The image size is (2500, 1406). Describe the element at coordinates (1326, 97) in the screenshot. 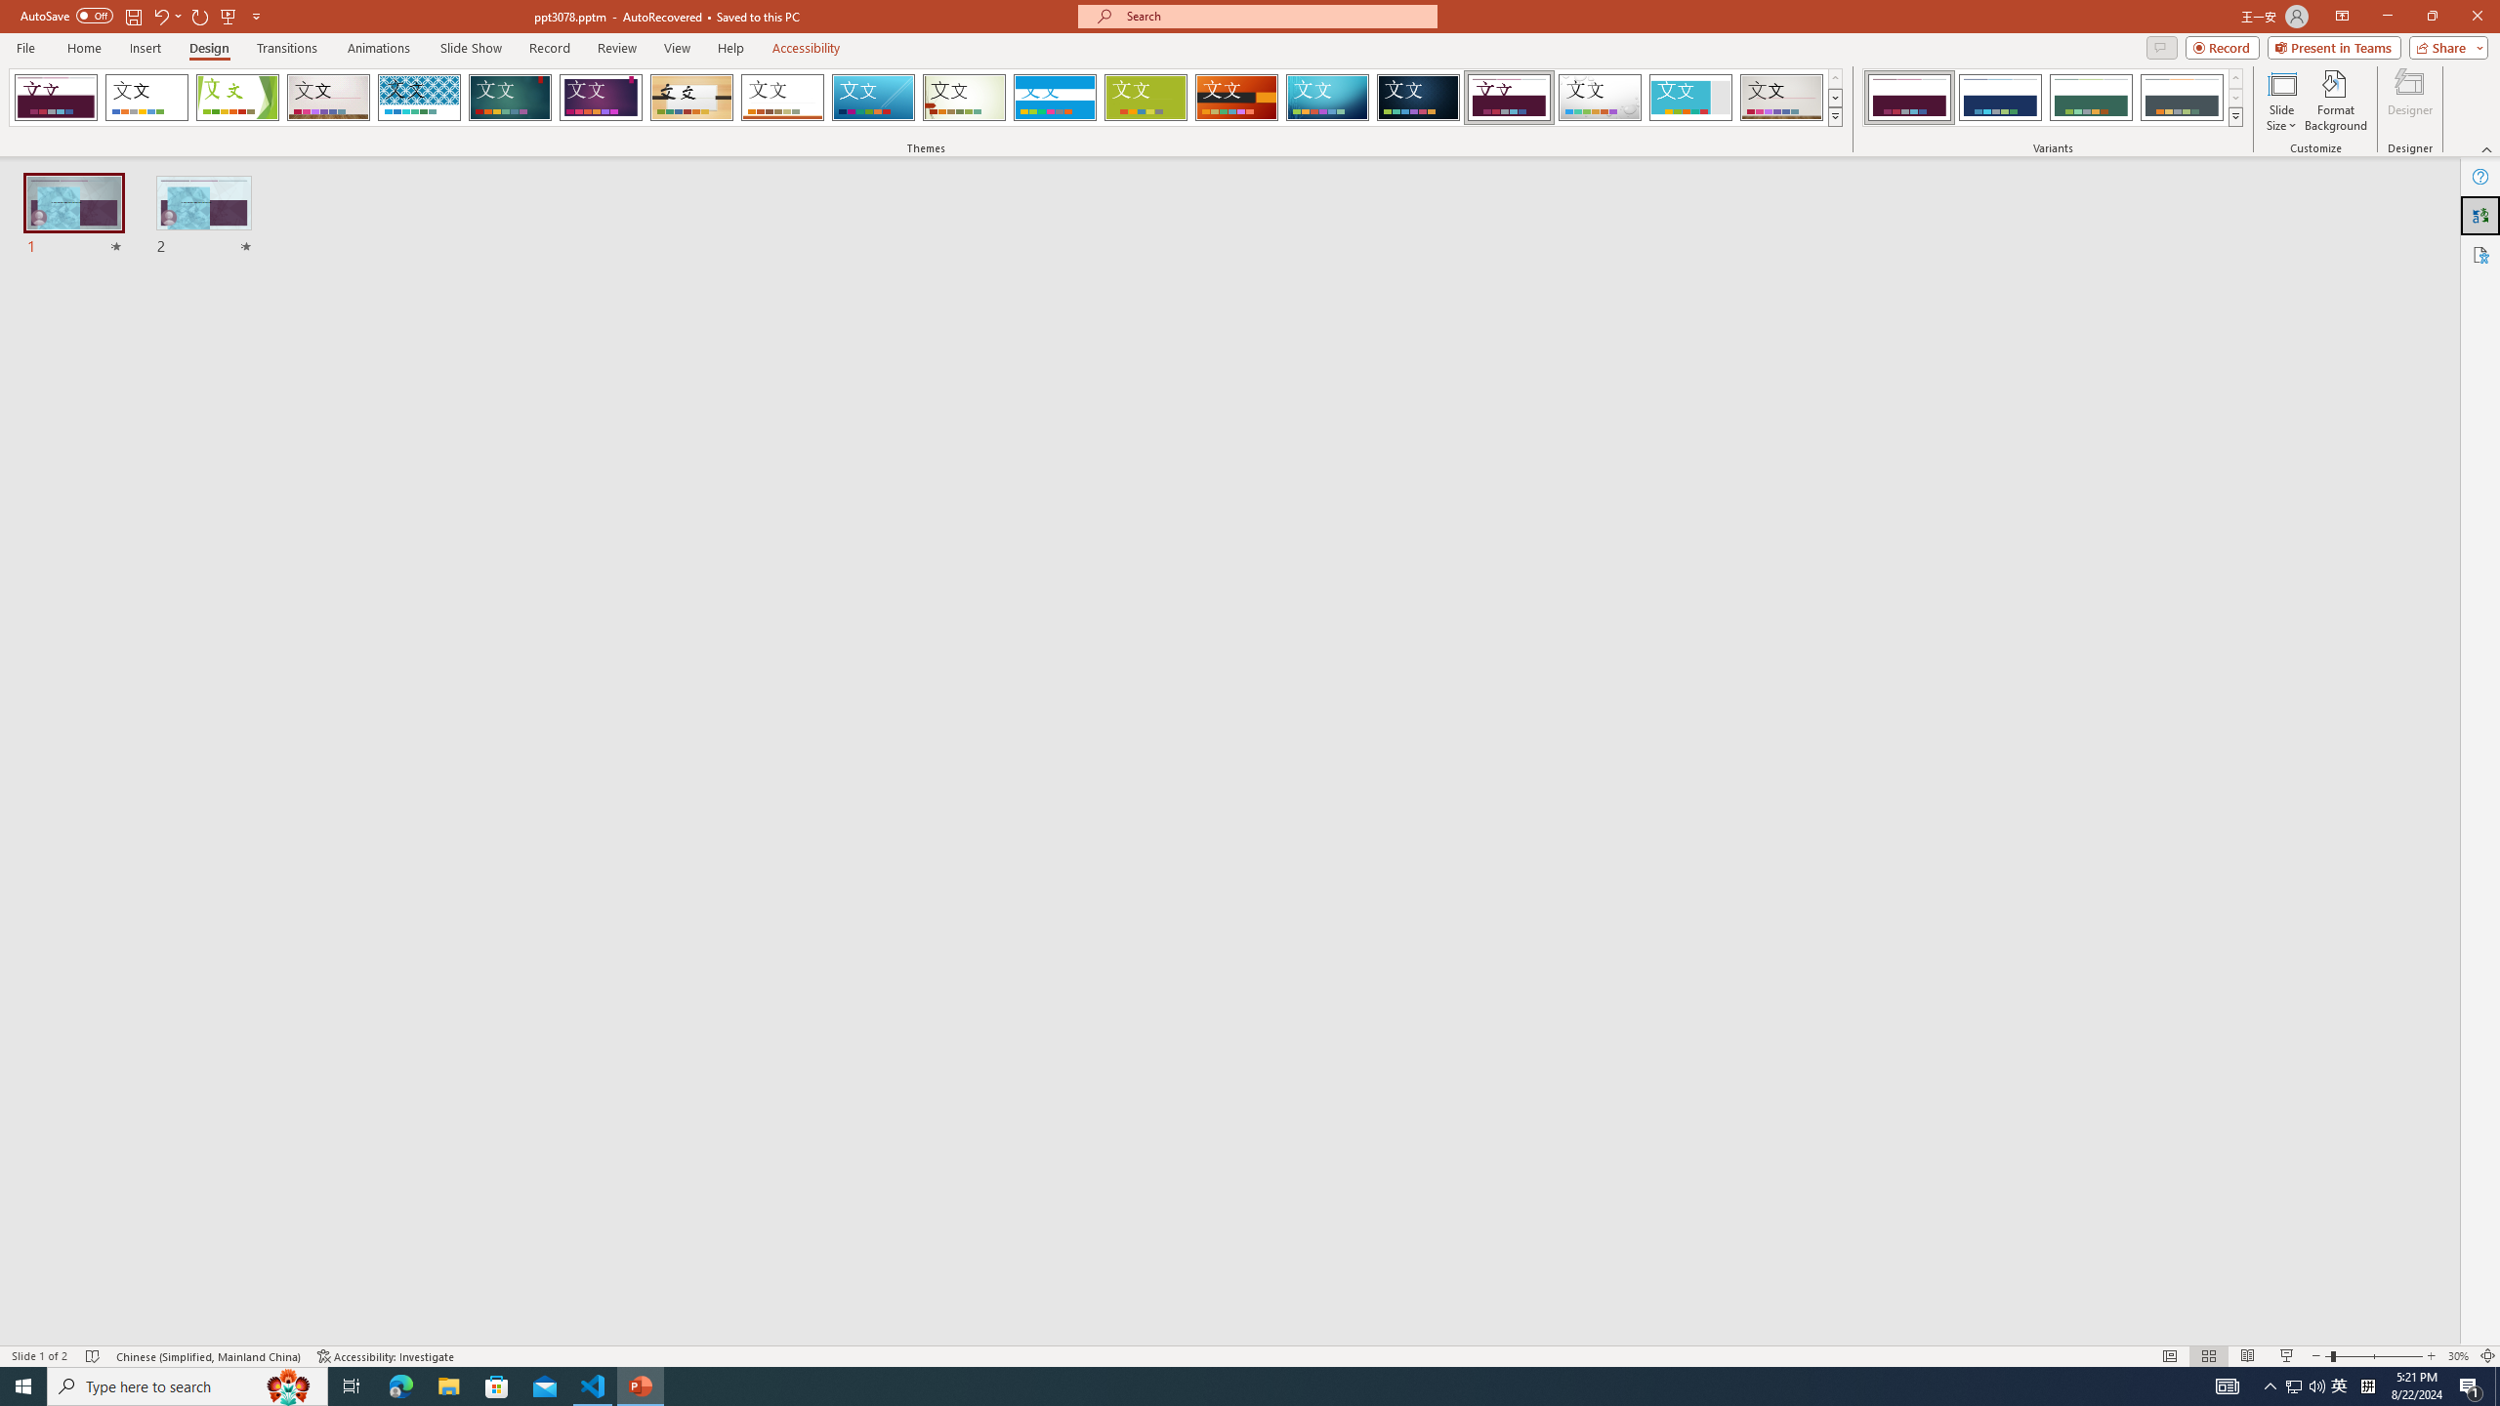

I see `'Circuit'` at that location.